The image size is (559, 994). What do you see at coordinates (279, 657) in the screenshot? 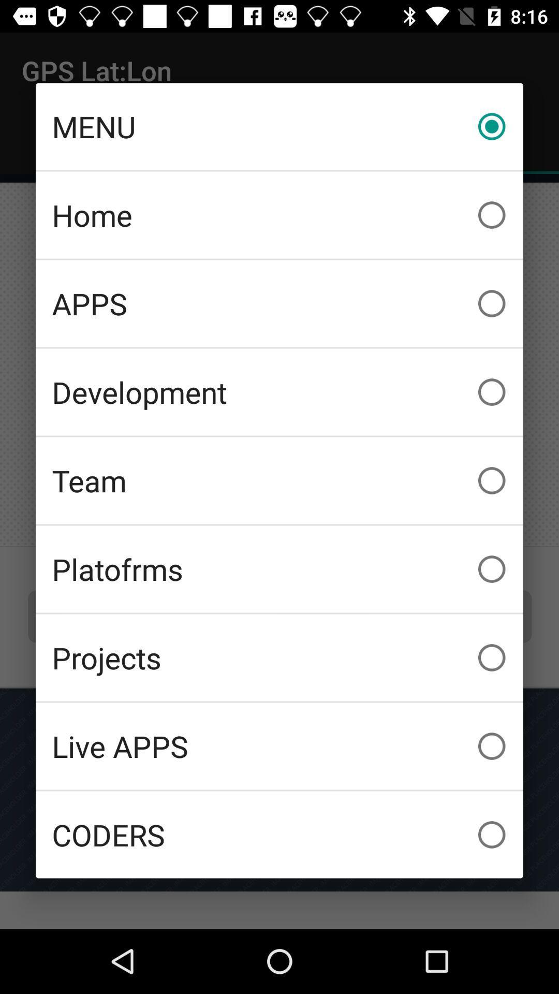
I see `projects item` at bounding box center [279, 657].